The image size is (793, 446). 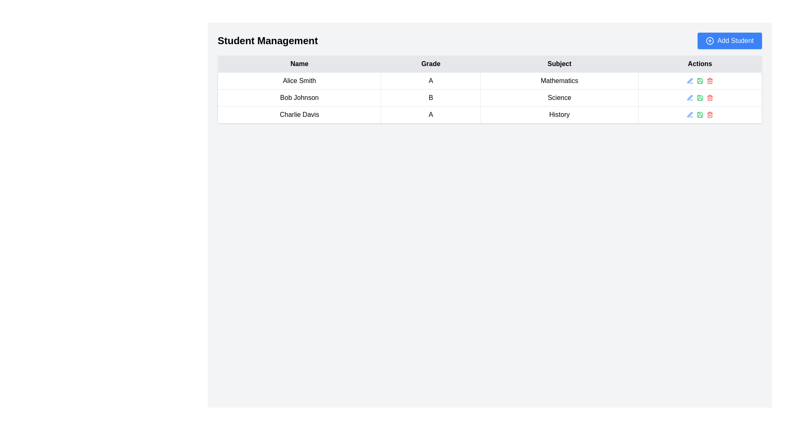 What do you see at coordinates (559, 97) in the screenshot?
I see `the table cell displaying the subject 'Science' for student Bob Johnson, located in the third cell of the 'Subject' column in the second row` at bounding box center [559, 97].